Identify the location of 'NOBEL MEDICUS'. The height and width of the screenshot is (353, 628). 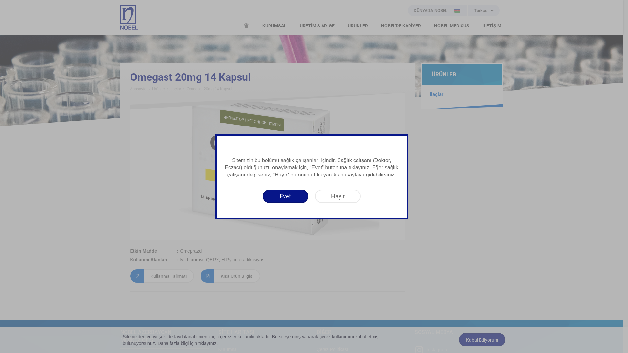
(451, 26).